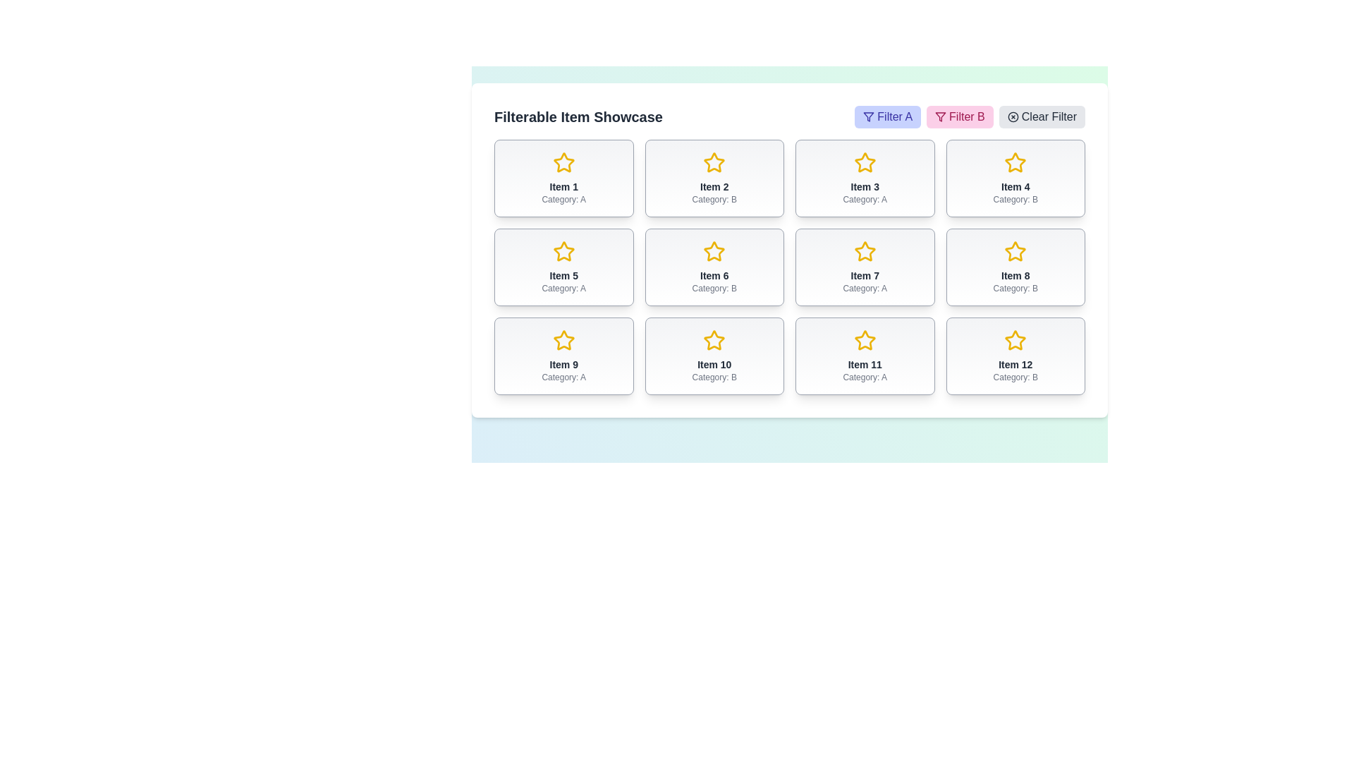 Image resolution: width=1354 pixels, height=762 pixels. What do you see at coordinates (887, 116) in the screenshot?
I see `the first button labeled 'A'` at bounding box center [887, 116].